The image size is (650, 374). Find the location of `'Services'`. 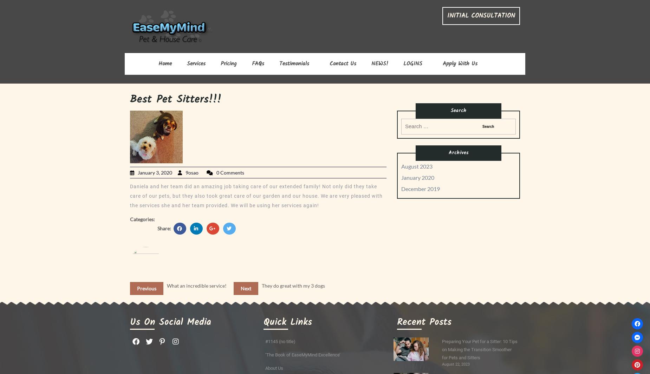

'Services' is located at coordinates (196, 63).